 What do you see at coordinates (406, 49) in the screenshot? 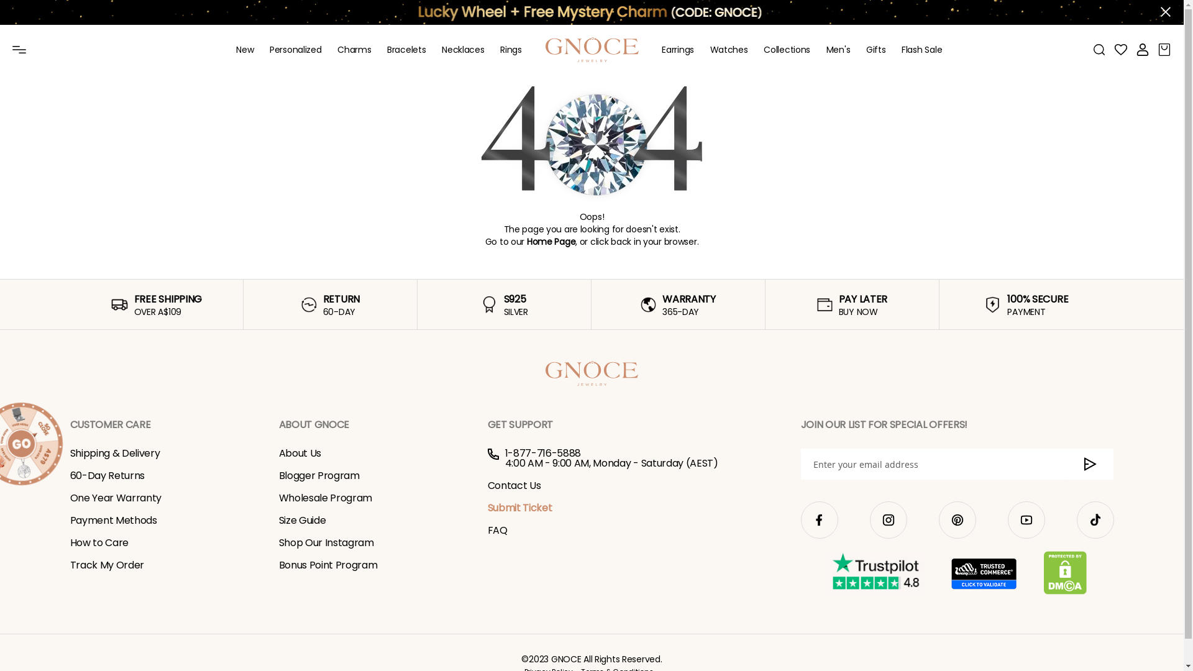
I see `'Bracelets'` at bounding box center [406, 49].